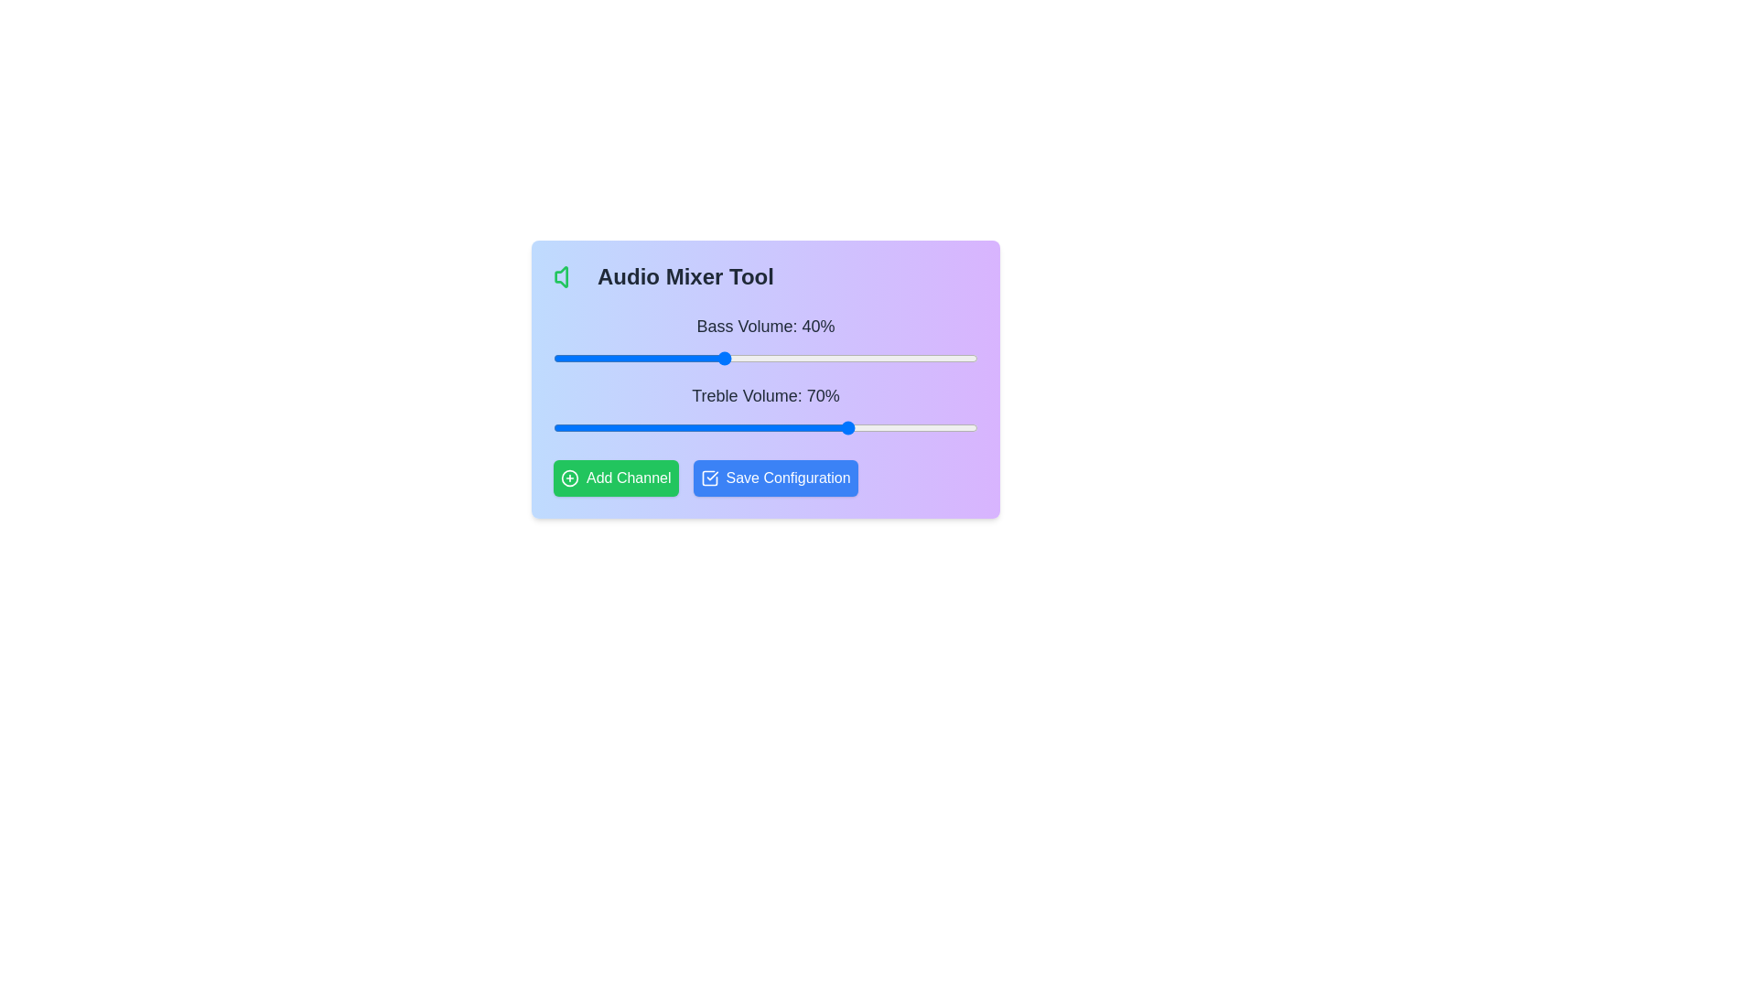  What do you see at coordinates (906, 359) in the screenshot?
I see `the slider` at bounding box center [906, 359].